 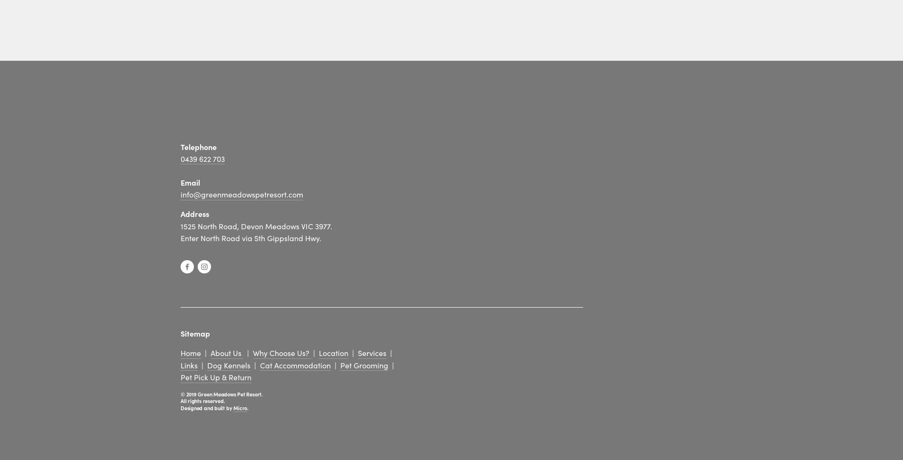 I want to click on 'Micro', so click(x=240, y=406).